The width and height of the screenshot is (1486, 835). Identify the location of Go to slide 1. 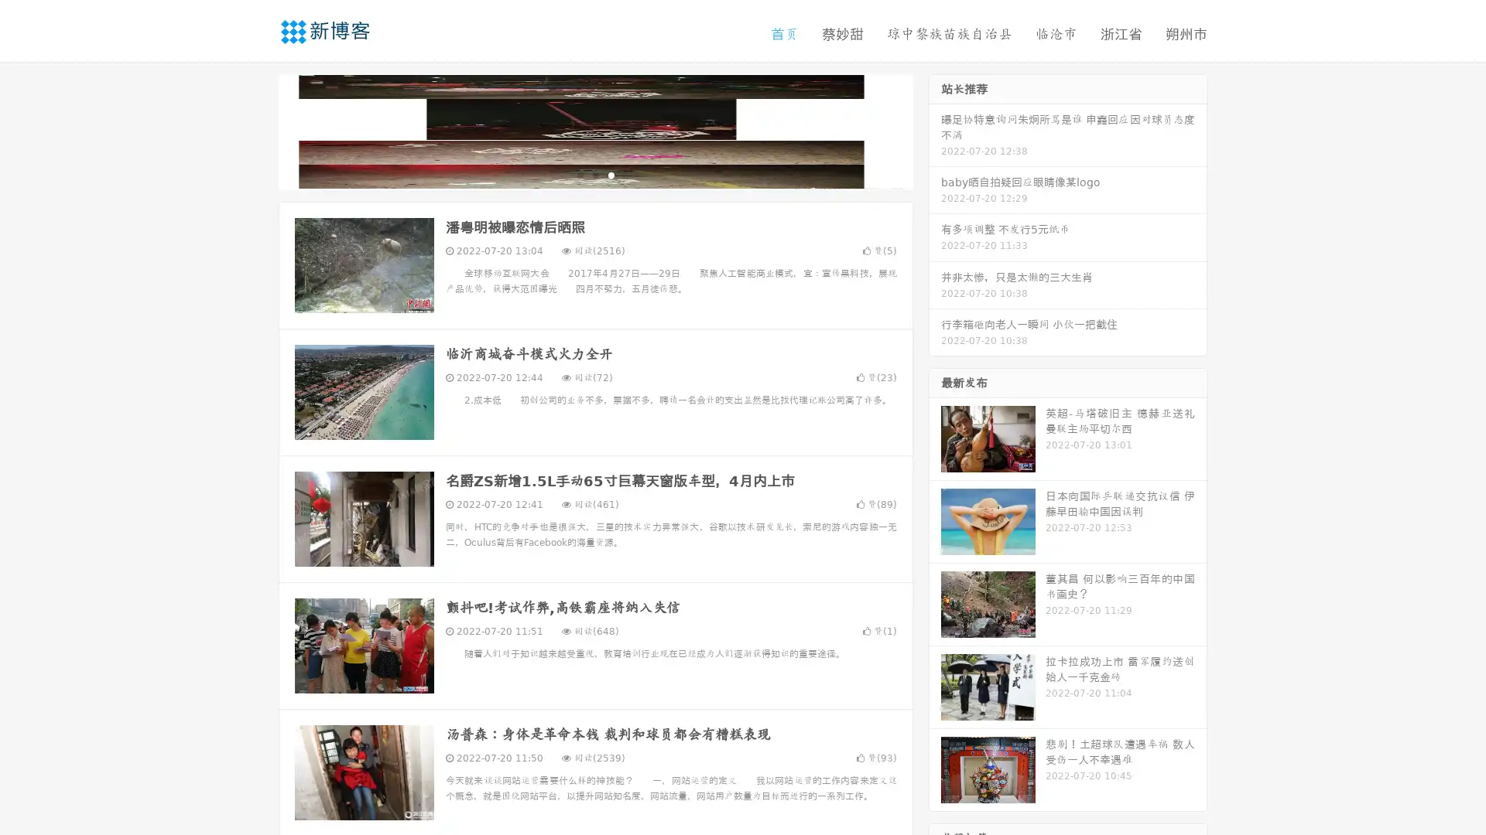
(579, 174).